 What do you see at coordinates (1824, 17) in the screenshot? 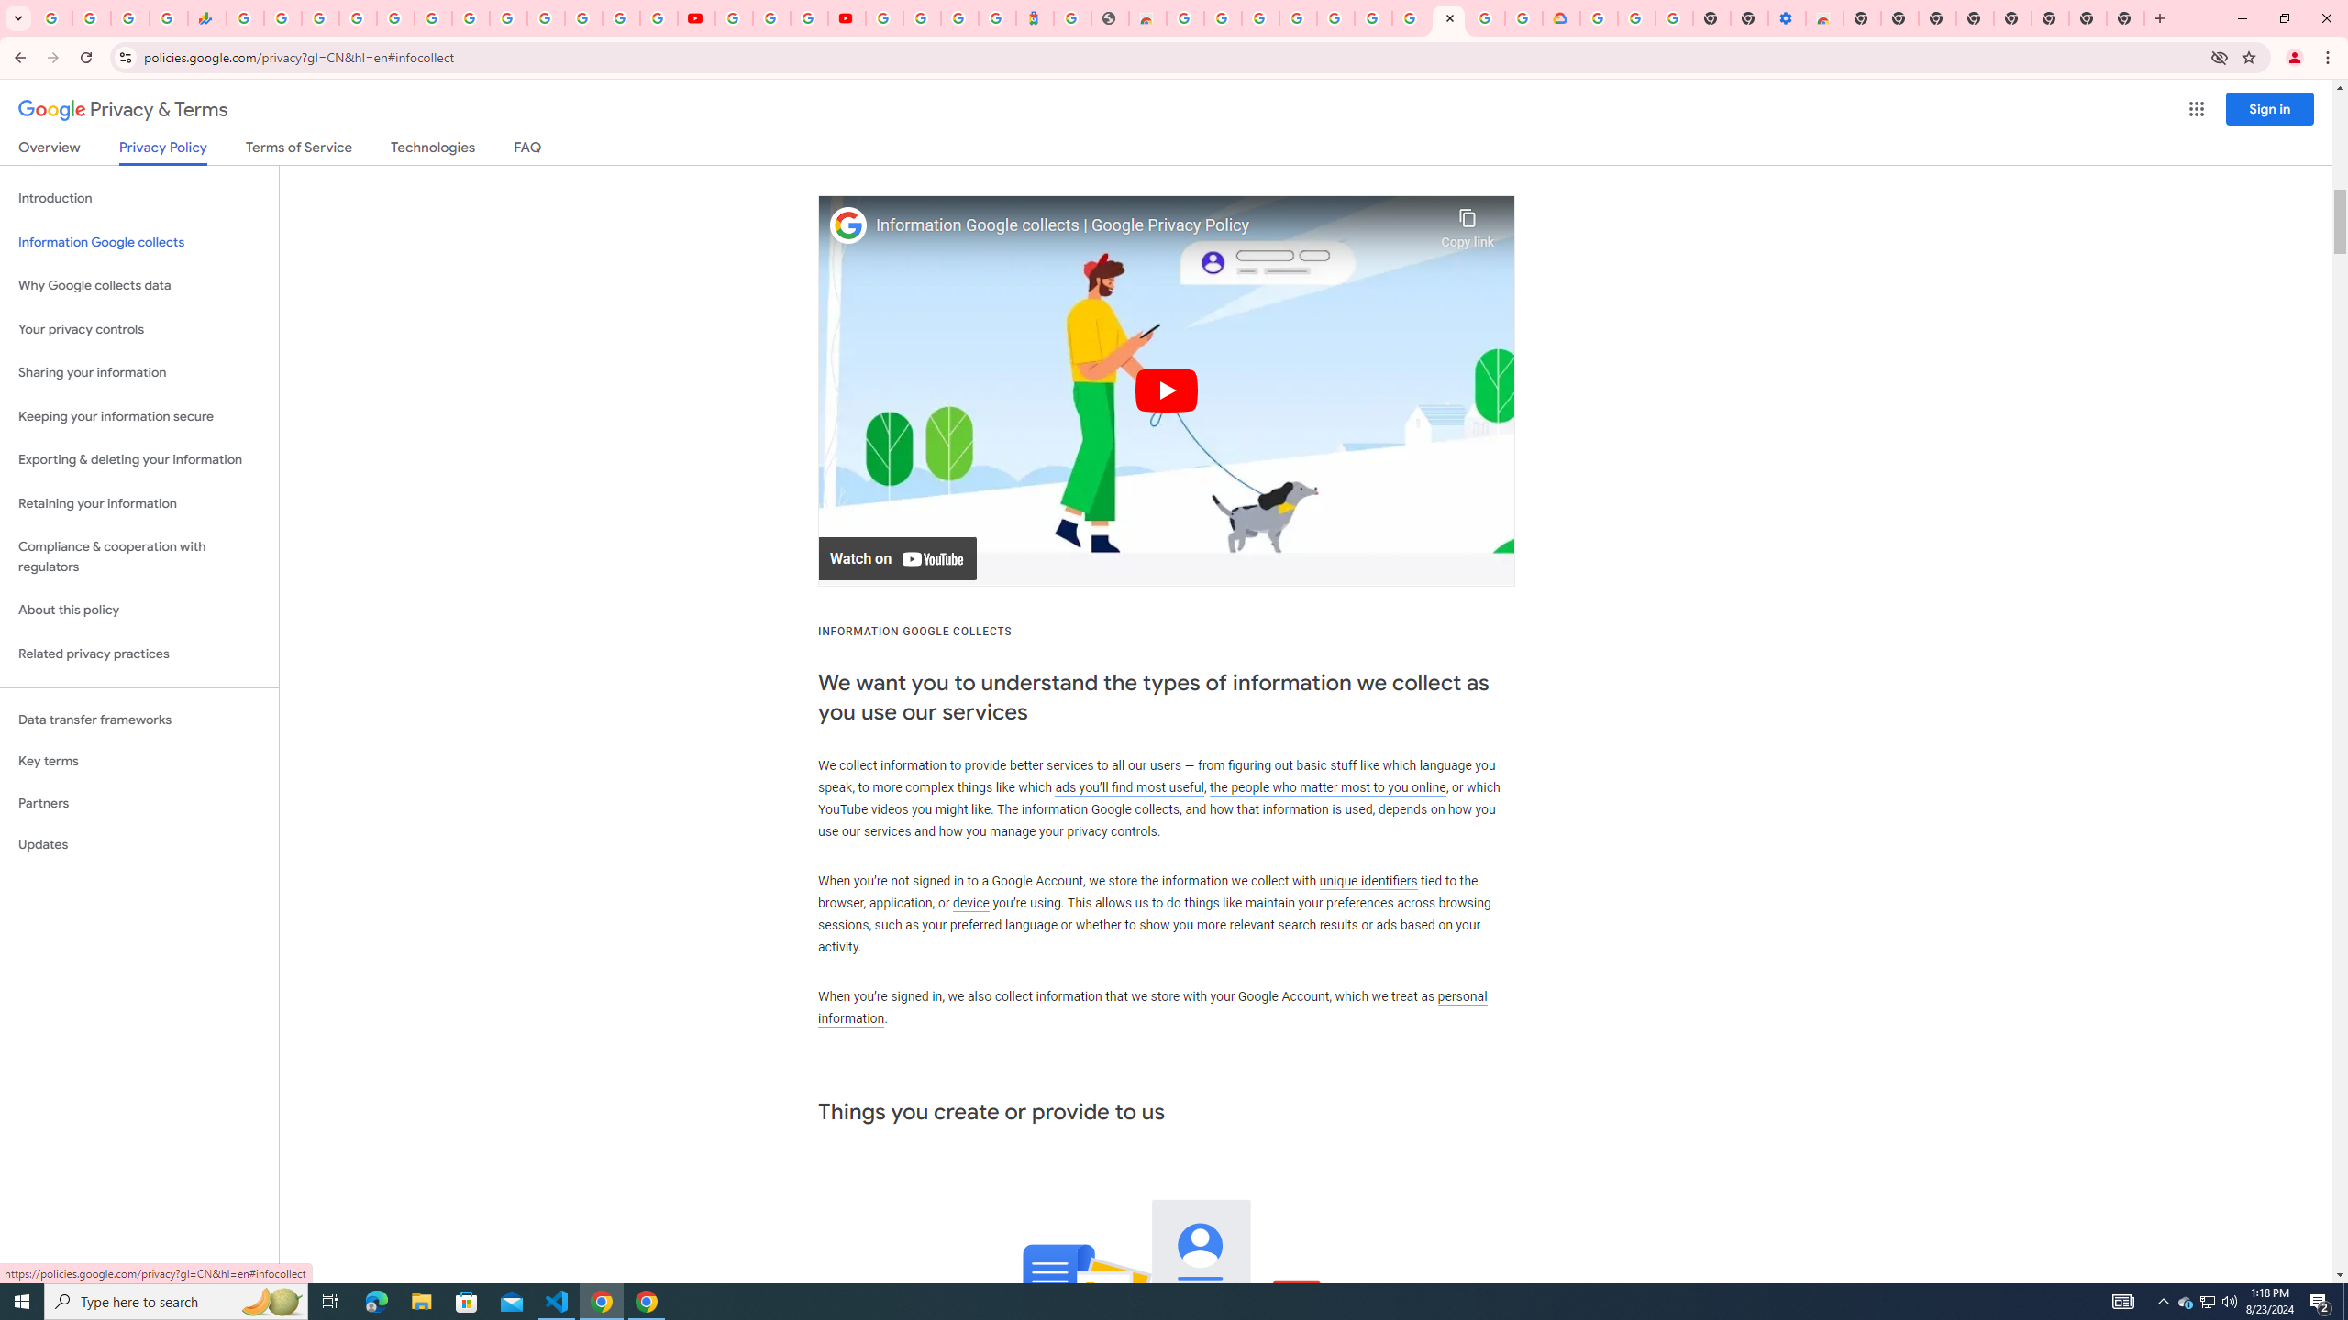
I see `'Chrome Web Store - Accessibility extensions'` at bounding box center [1824, 17].